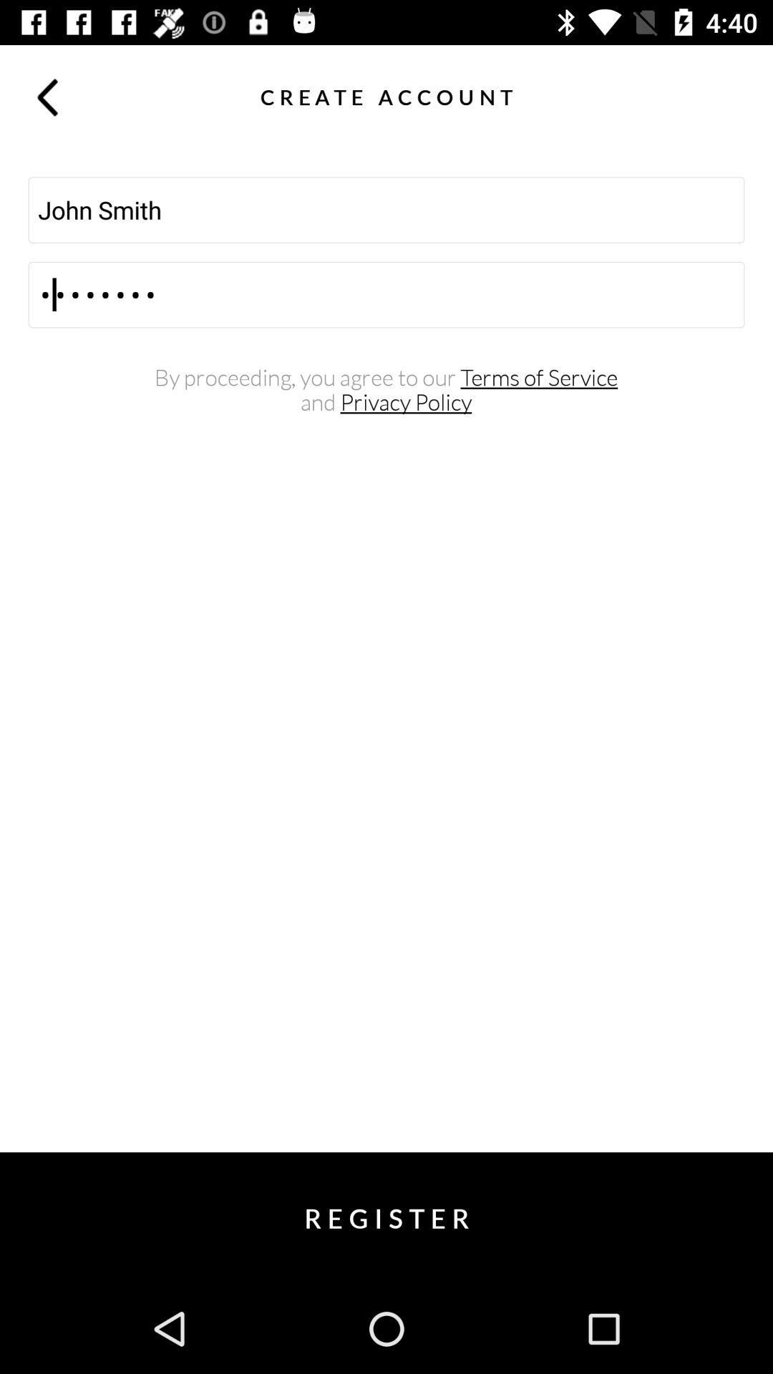  What do you see at coordinates (386, 294) in the screenshot?
I see `icon below john smith item` at bounding box center [386, 294].